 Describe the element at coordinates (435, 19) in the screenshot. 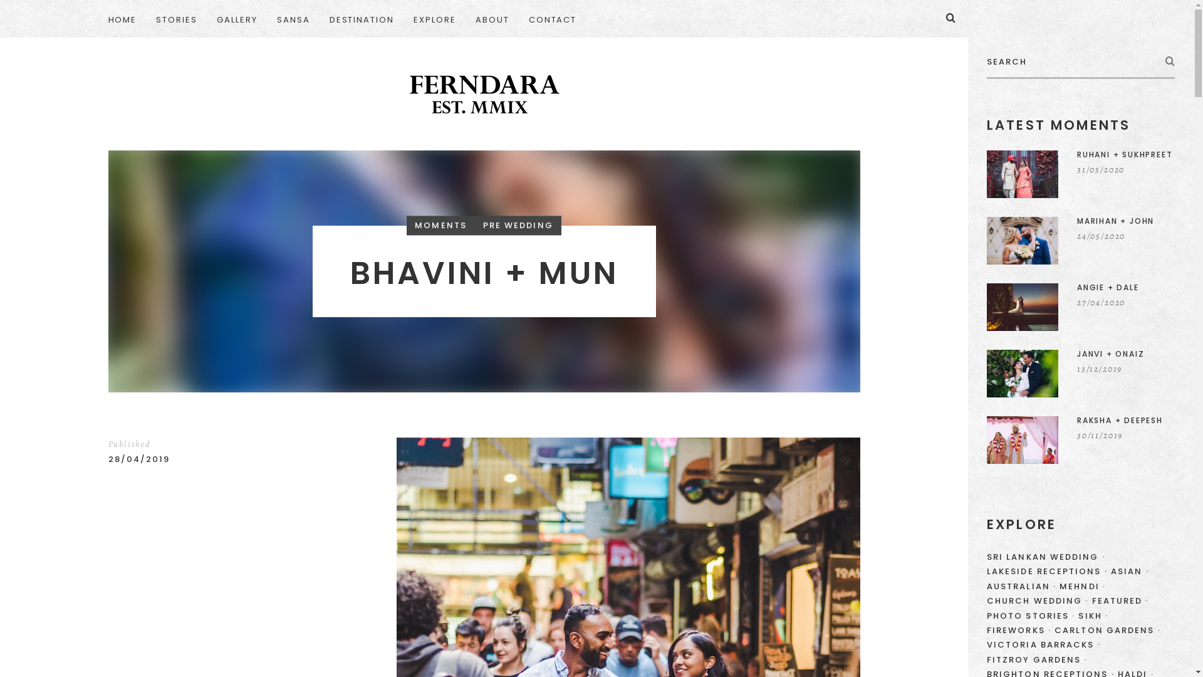

I see `'EXPLORE'` at that location.